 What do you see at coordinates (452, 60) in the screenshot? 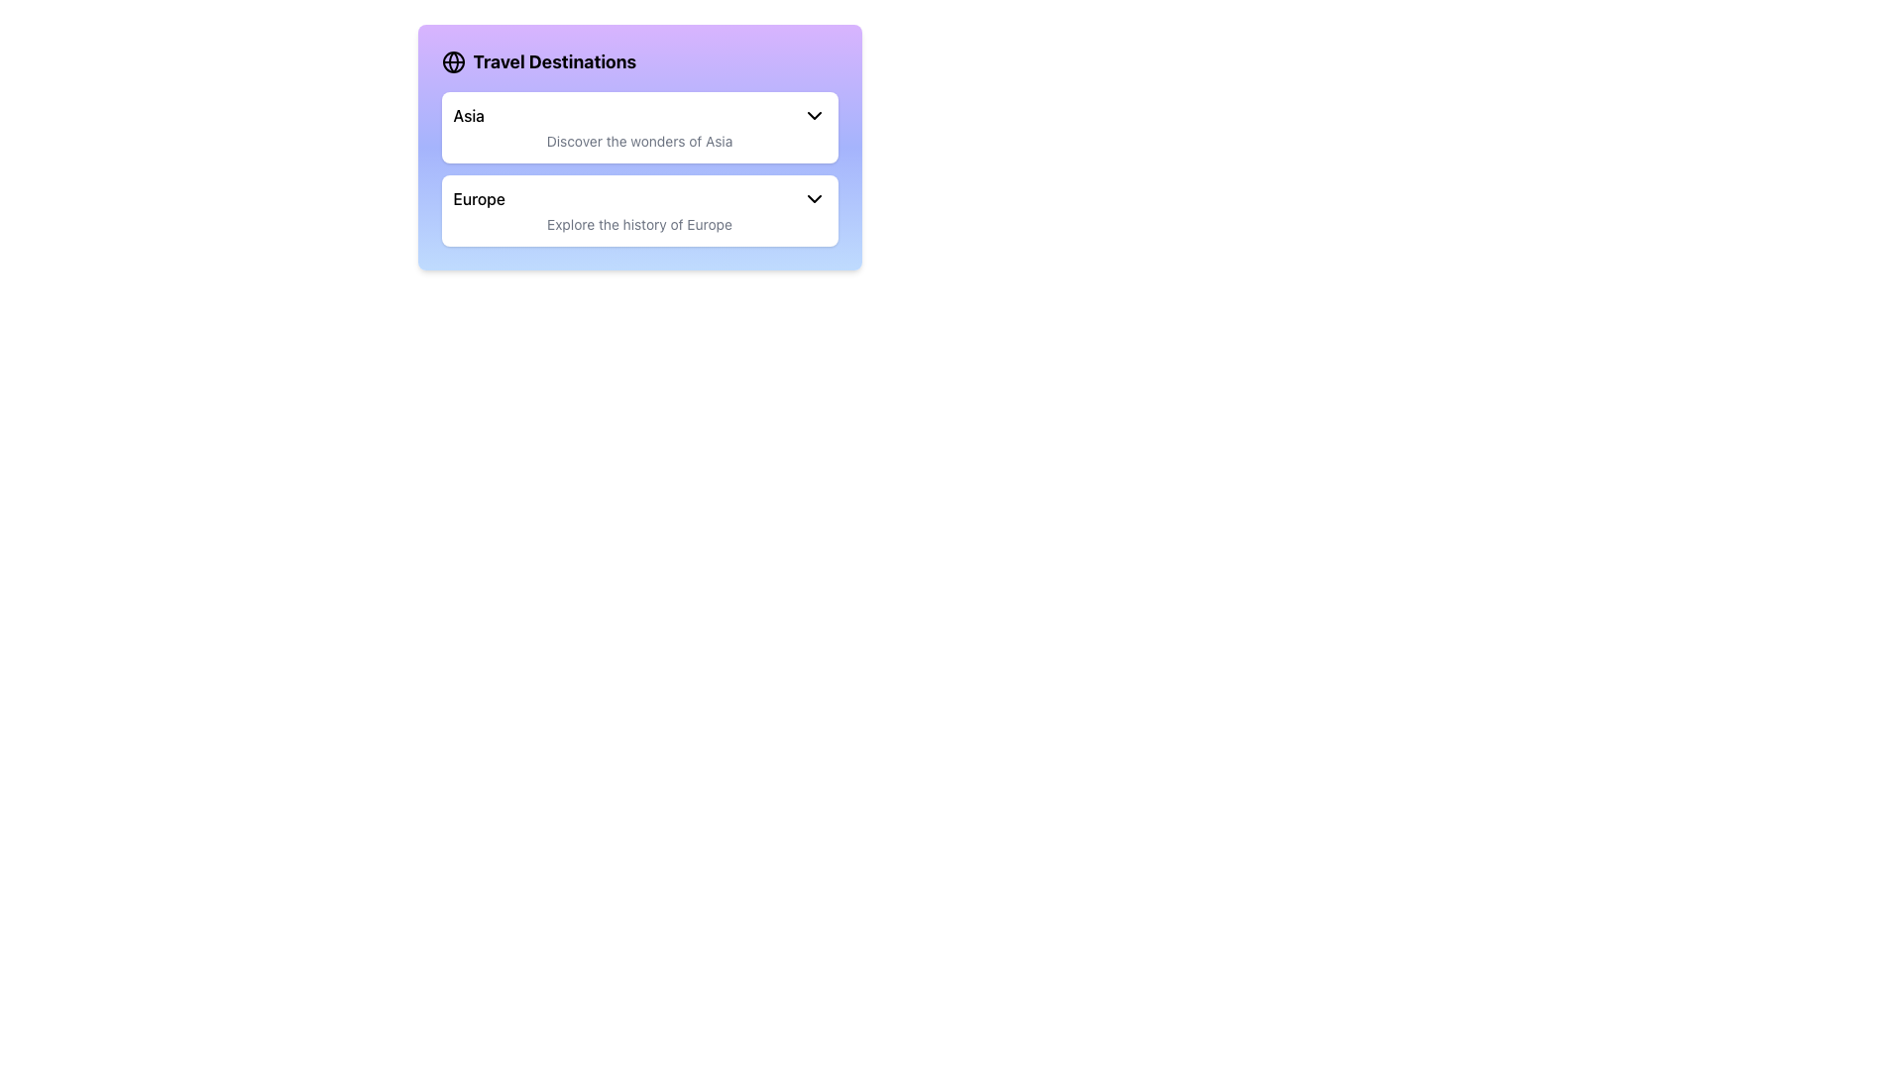
I see `the Circle (SVG Component) that is part of the globe icon, located near the top-left corner of the interface, adjacent to the heading 'Travel Destinations.'` at bounding box center [452, 60].